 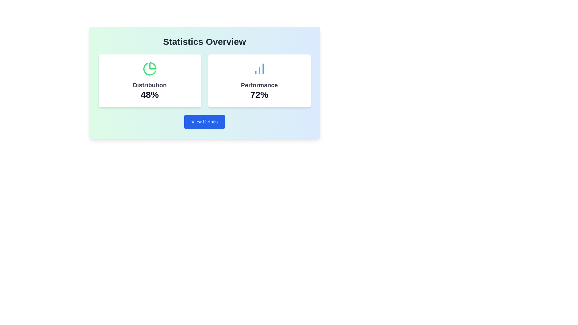 What do you see at coordinates (150, 68) in the screenshot?
I see `the icon representing data distribution located at the top center of the left card titled 'Distribution' with the subtitle '48%'` at bounding box center [150, 68].